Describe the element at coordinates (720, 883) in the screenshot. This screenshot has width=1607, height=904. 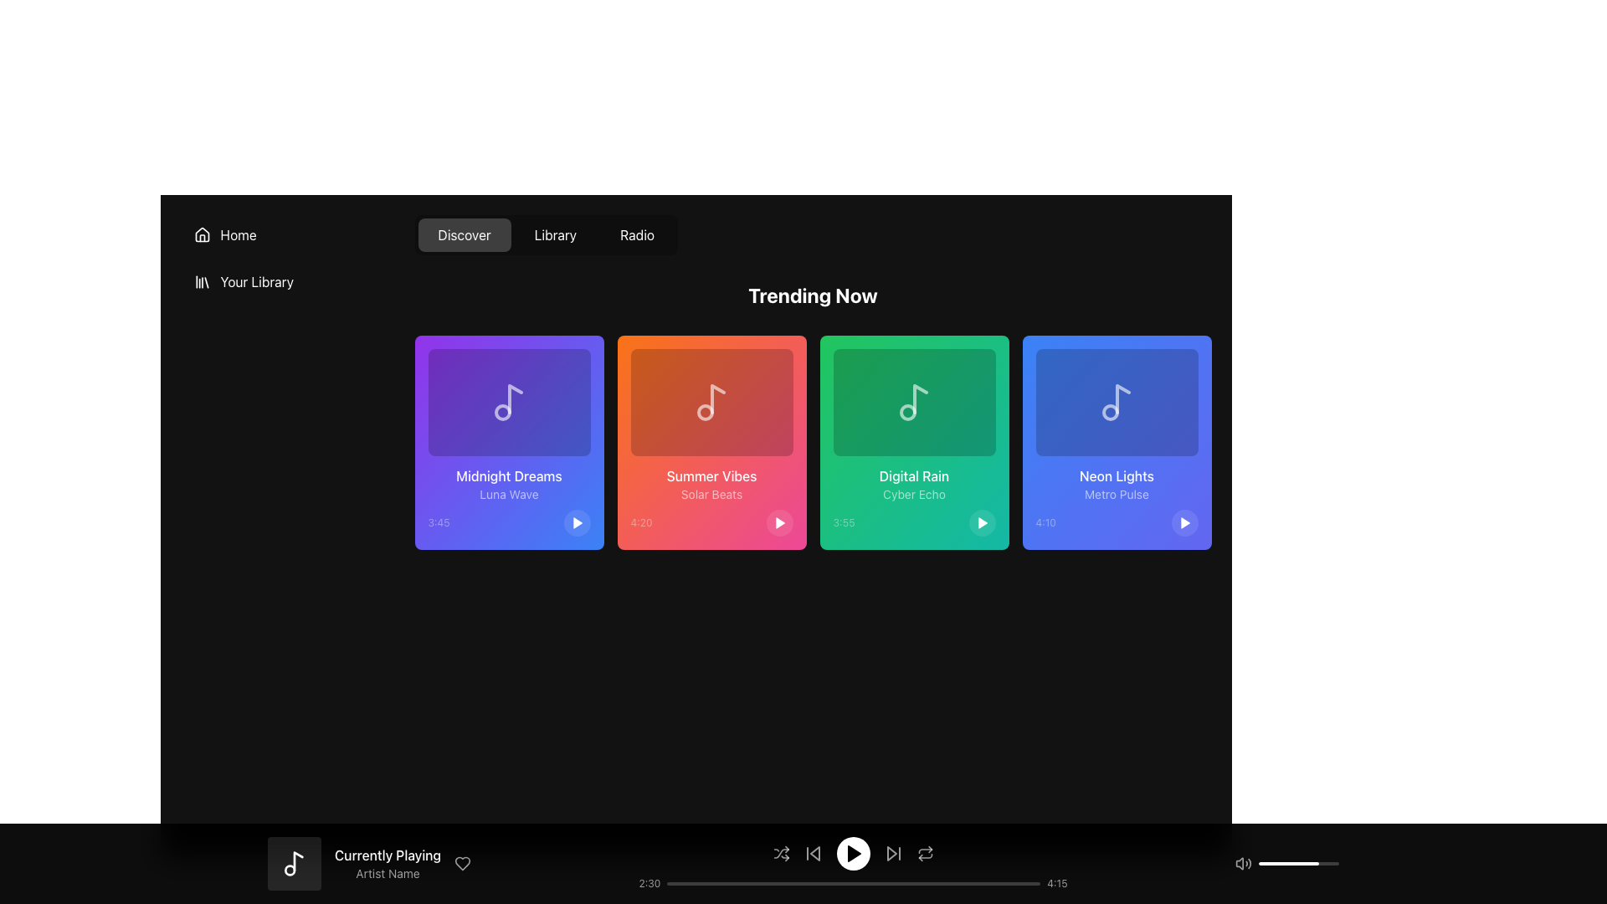
I see `playback position` at that location.